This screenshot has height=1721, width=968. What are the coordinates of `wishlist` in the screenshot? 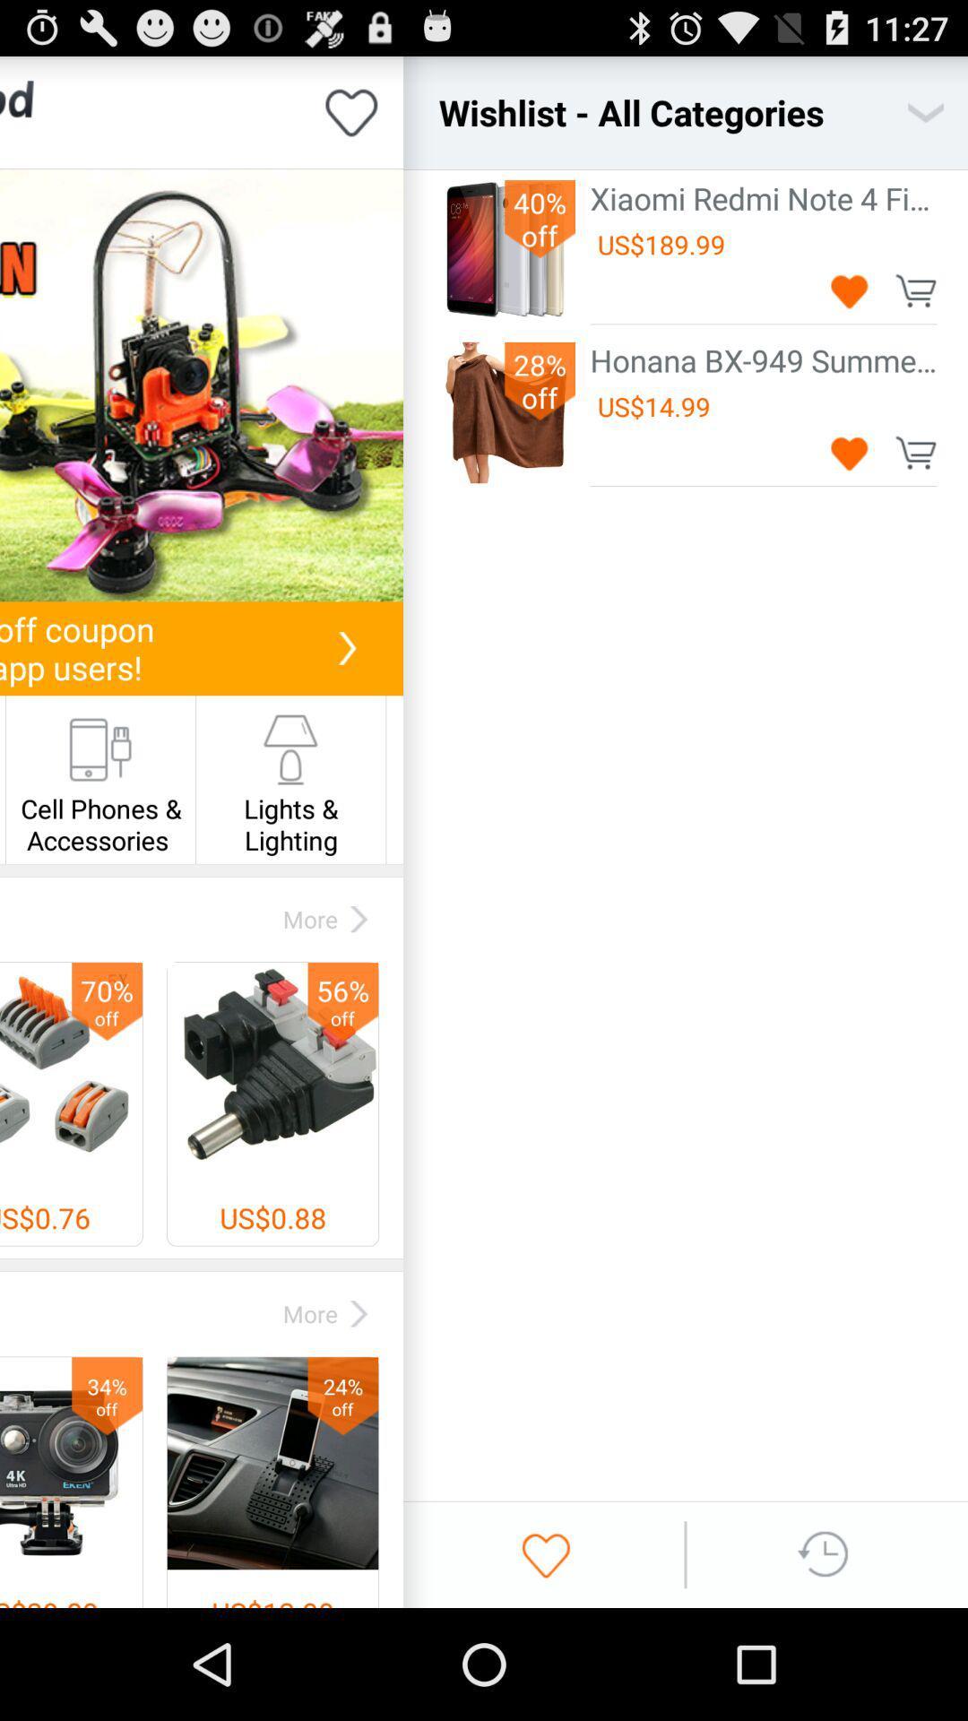 It's located at (545, 1553).